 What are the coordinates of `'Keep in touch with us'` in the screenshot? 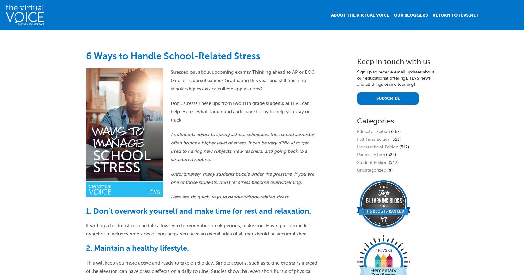 It's located at (393, 62).